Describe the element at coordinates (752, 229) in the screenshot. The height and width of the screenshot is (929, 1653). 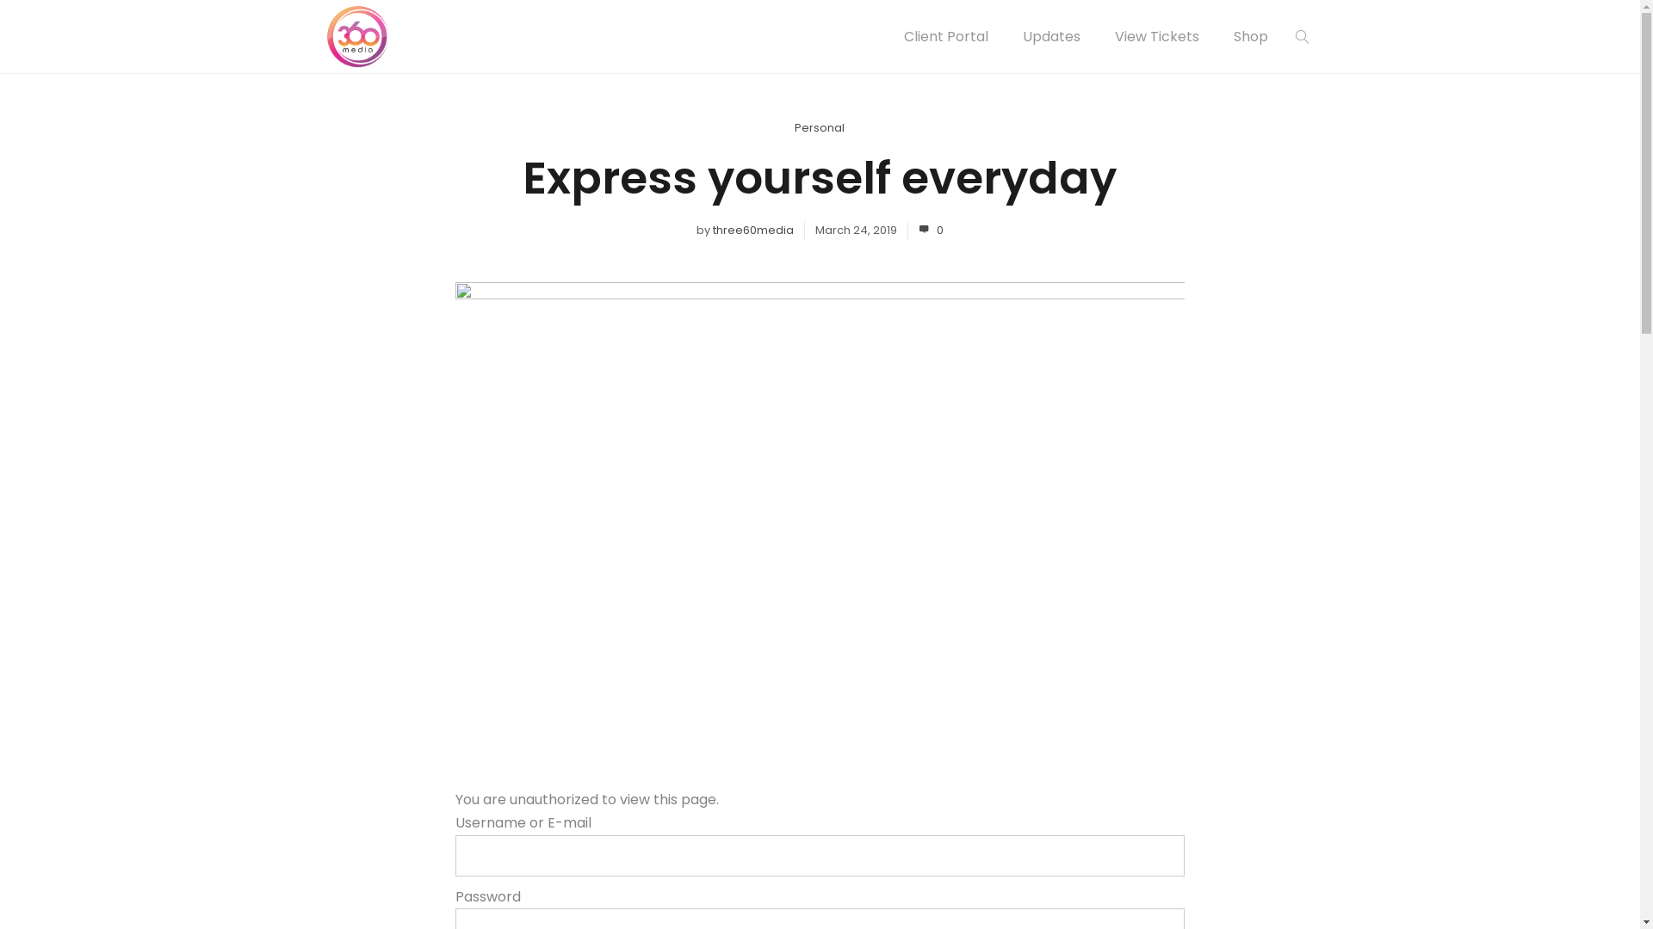
I see `'three60media'` at that location.